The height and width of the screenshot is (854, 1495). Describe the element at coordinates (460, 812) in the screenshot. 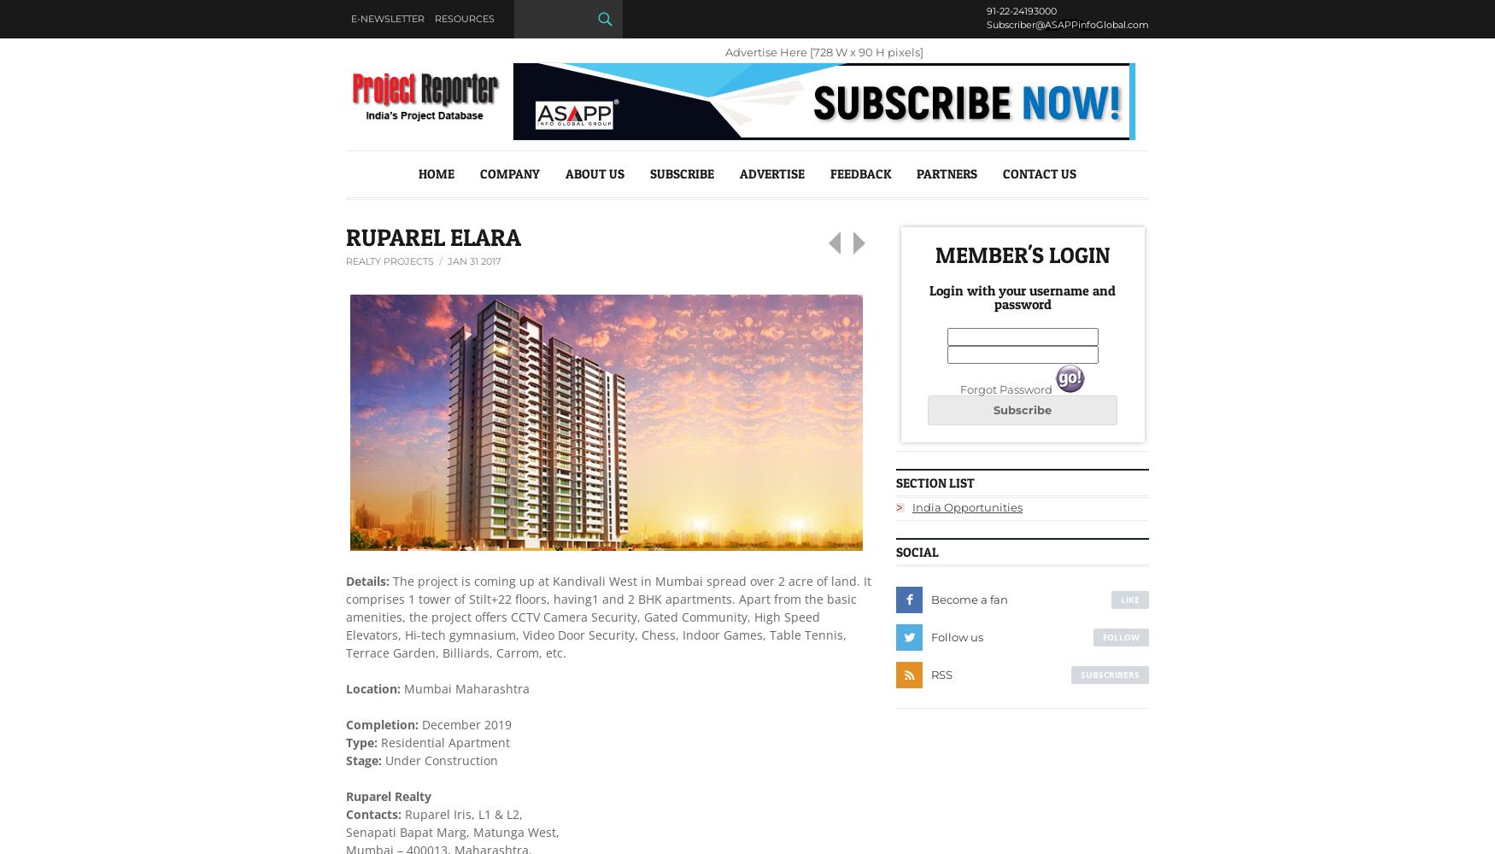

I see `'Ruparel Iris, L1 & L2,'` at that location.